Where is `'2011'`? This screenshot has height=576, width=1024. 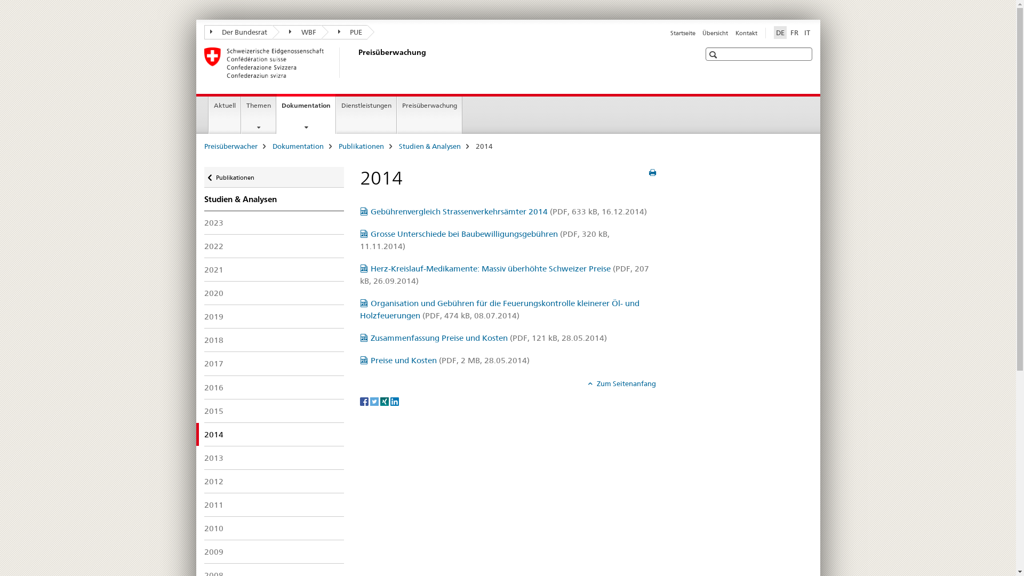
'2011' is located at coordinates (274, 504).